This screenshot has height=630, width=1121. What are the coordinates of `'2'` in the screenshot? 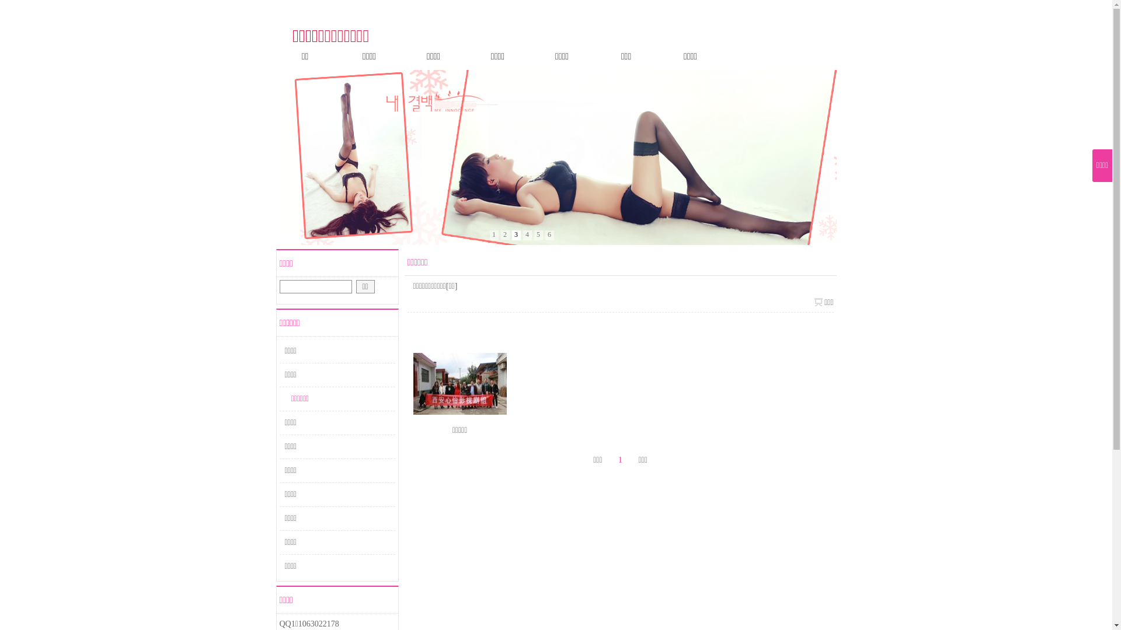 It's located at (505, 235).